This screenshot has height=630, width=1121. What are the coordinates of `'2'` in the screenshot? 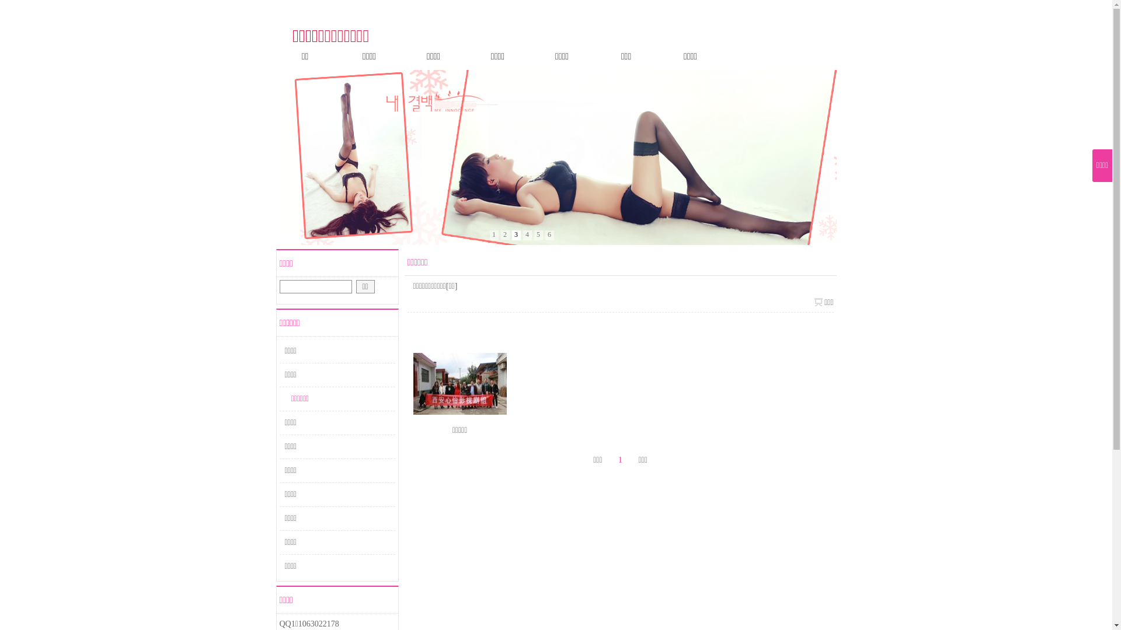 It's located at (505, 235).